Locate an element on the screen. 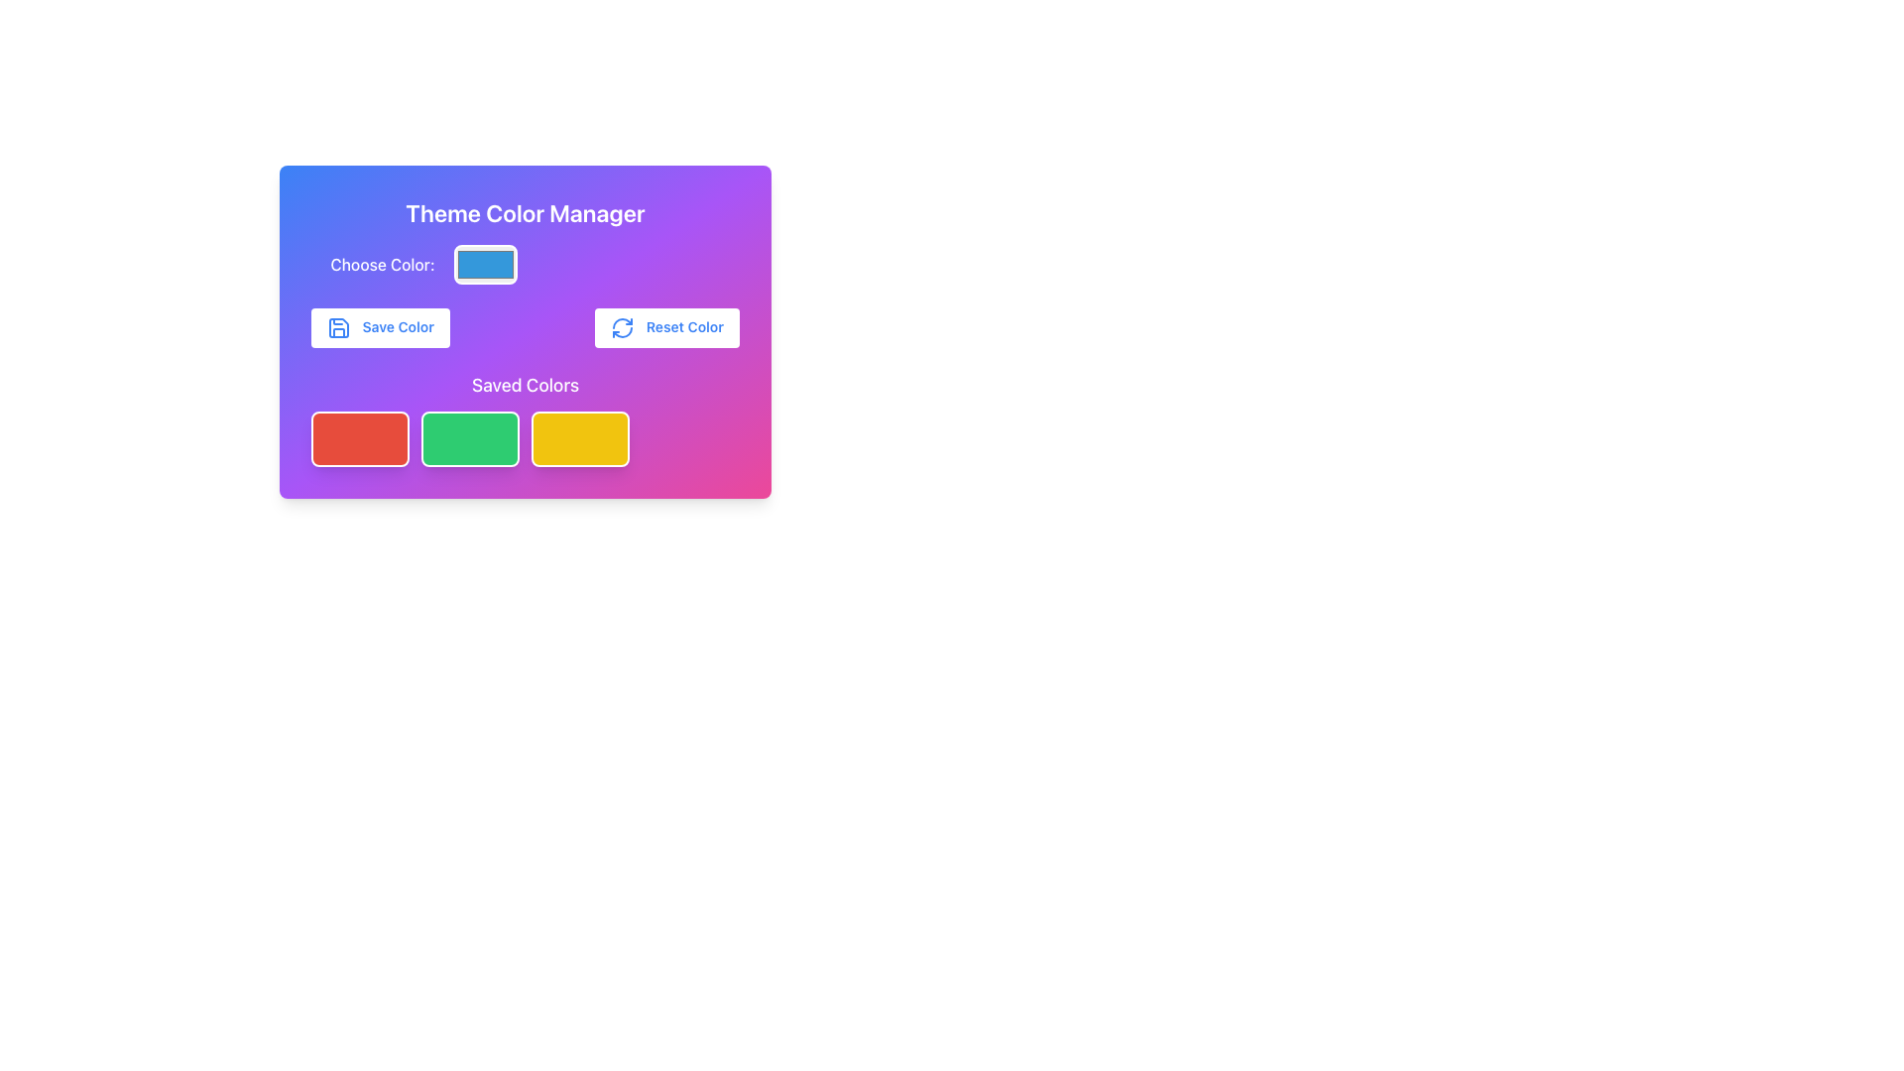 This screenshot has width=1904, height=1071. the 'Reset Color' button, which has a white background and blue text is located at coordinates (667, 327).